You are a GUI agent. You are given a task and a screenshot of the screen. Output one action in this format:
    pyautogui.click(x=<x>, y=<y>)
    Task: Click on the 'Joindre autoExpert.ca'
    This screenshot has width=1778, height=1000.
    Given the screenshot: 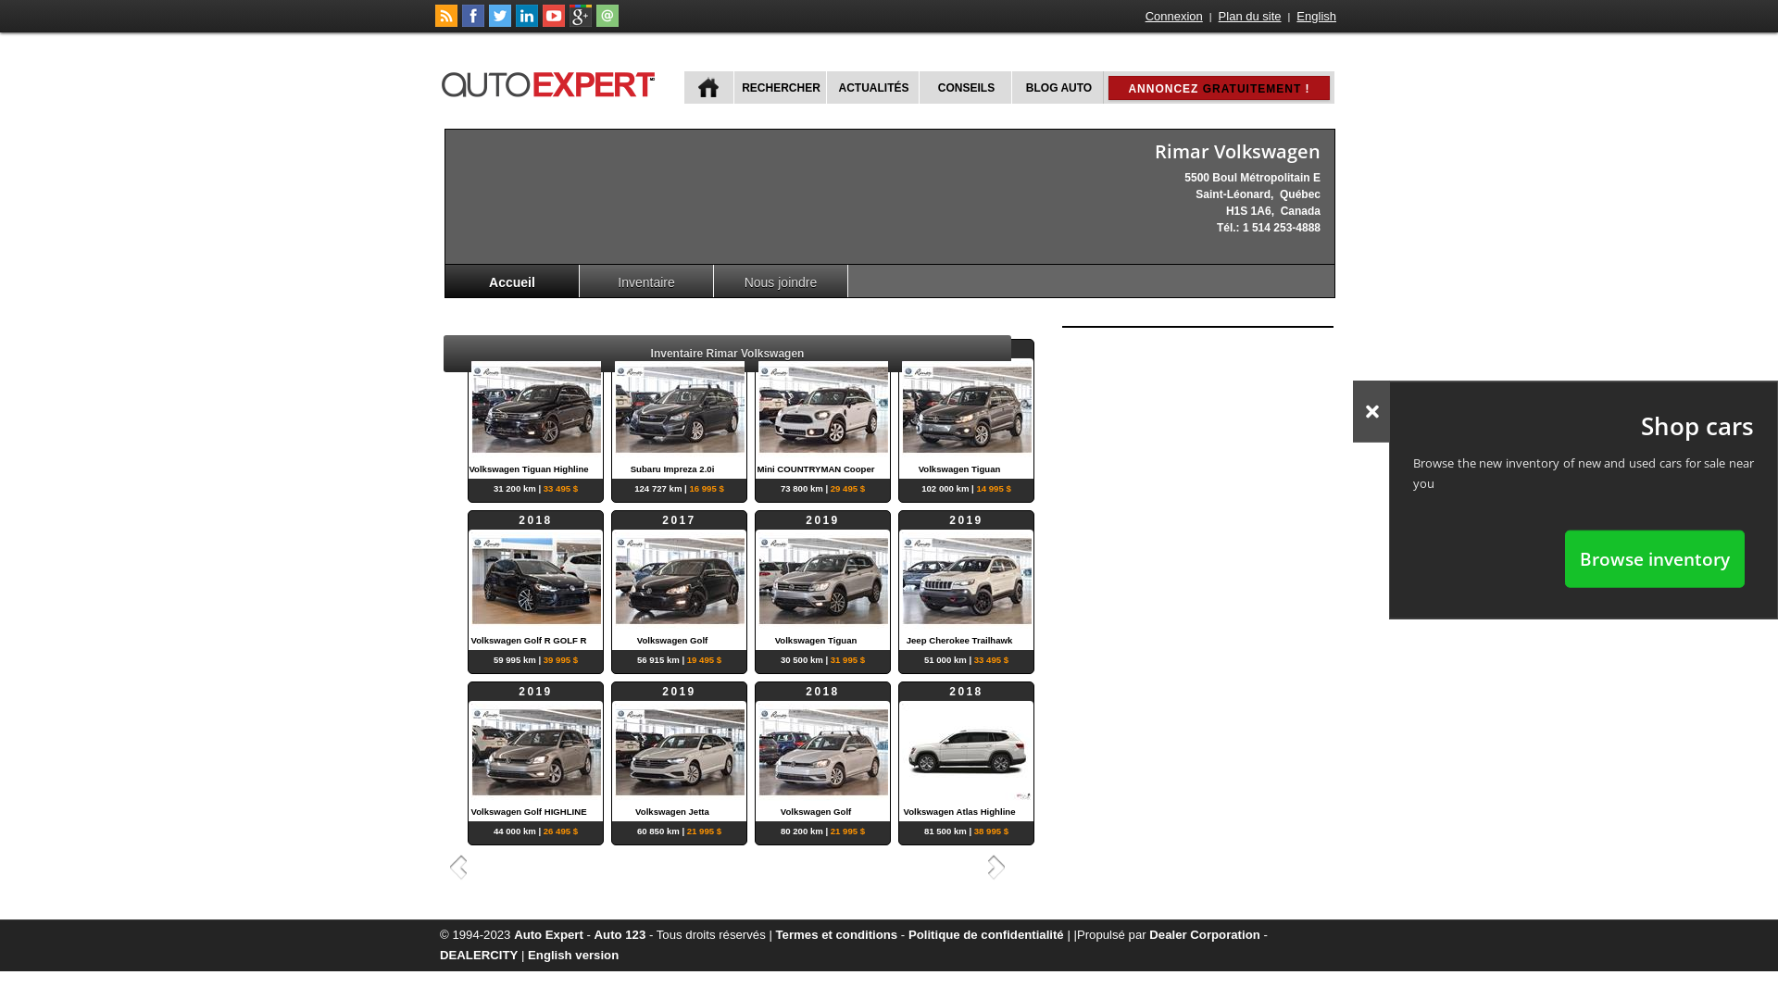 What is the action you would take?
    pyautogui.click(x=607, y=22)
    